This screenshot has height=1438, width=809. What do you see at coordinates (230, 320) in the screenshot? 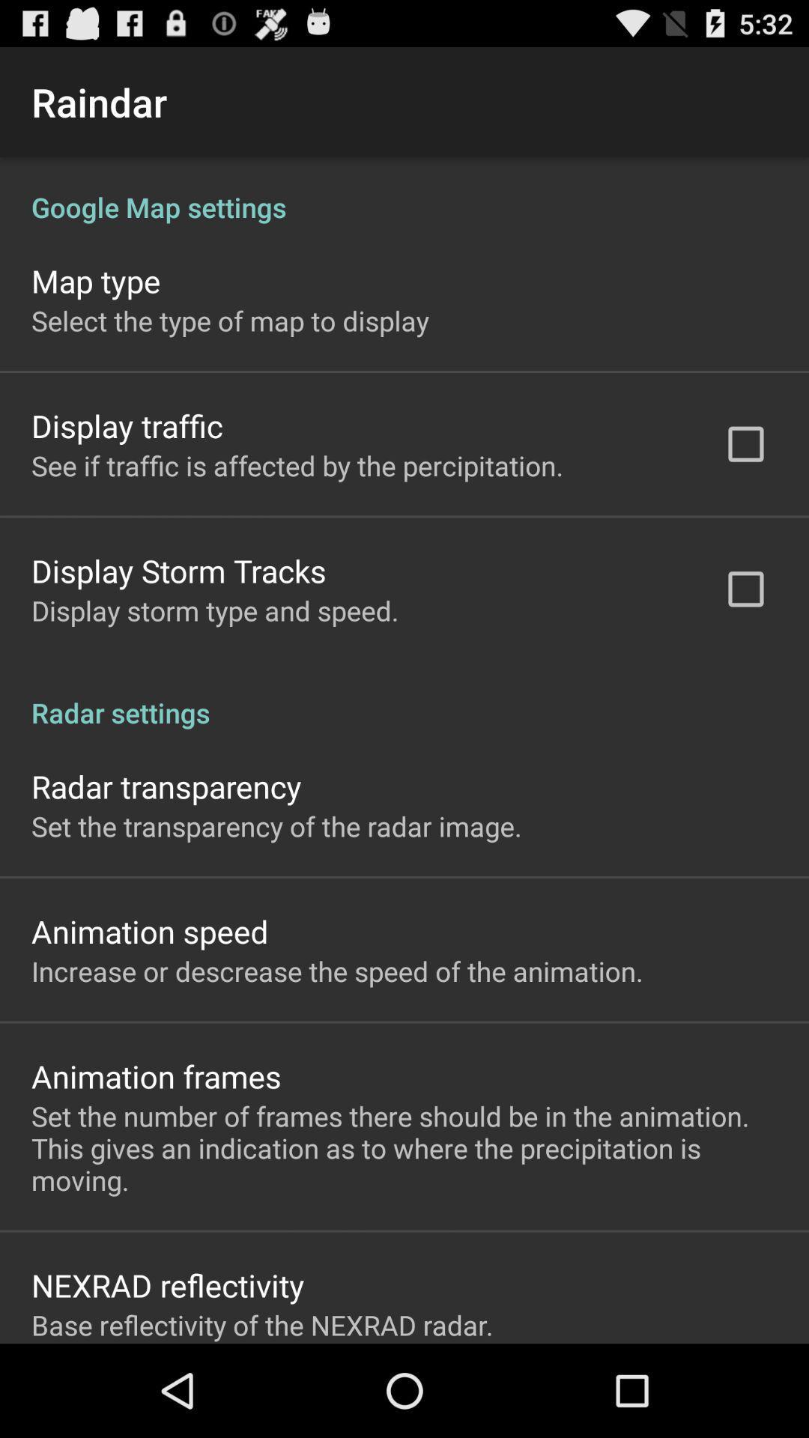
I see `the app below the map type app` at bounding box center [230, 320].